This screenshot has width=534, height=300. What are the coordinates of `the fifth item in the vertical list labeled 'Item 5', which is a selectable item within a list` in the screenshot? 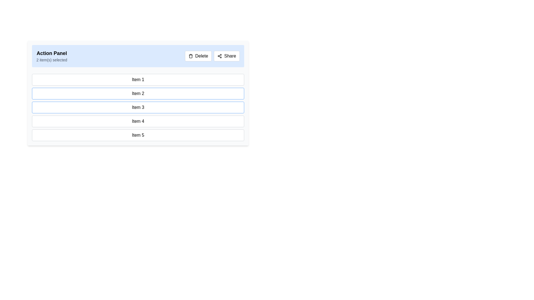 It's located at (138, 135).